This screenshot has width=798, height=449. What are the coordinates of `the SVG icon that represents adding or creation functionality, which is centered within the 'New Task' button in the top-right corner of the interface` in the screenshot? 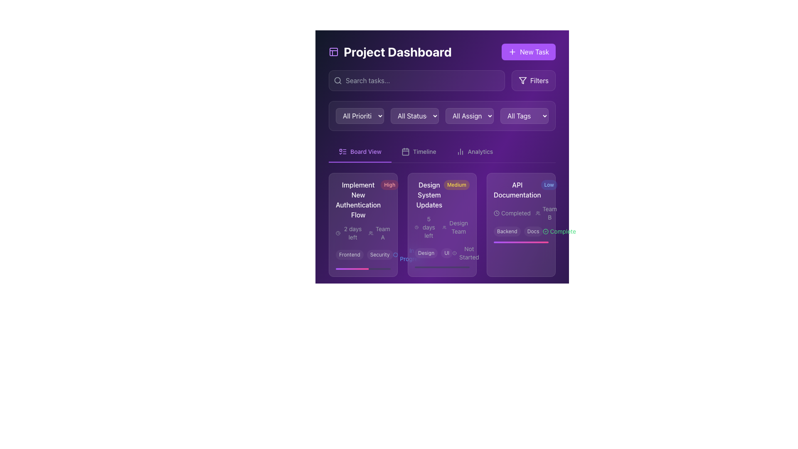 It's located at (512, 52).